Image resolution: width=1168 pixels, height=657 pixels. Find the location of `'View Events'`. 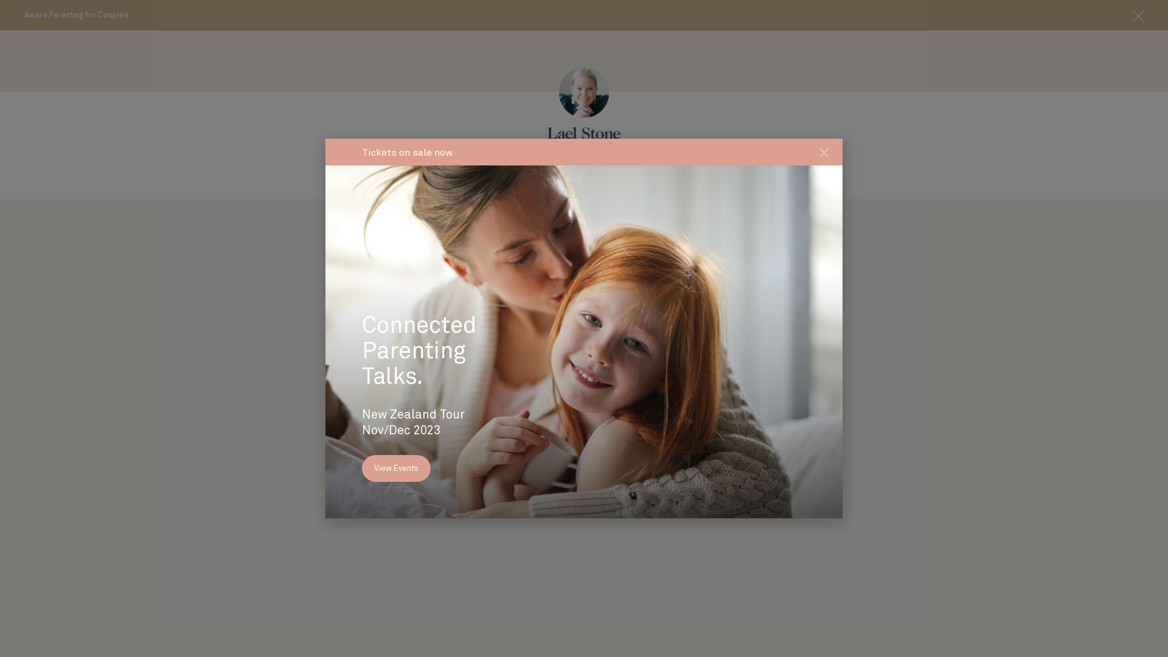

'View Events' is located at coordinates (396, 468).